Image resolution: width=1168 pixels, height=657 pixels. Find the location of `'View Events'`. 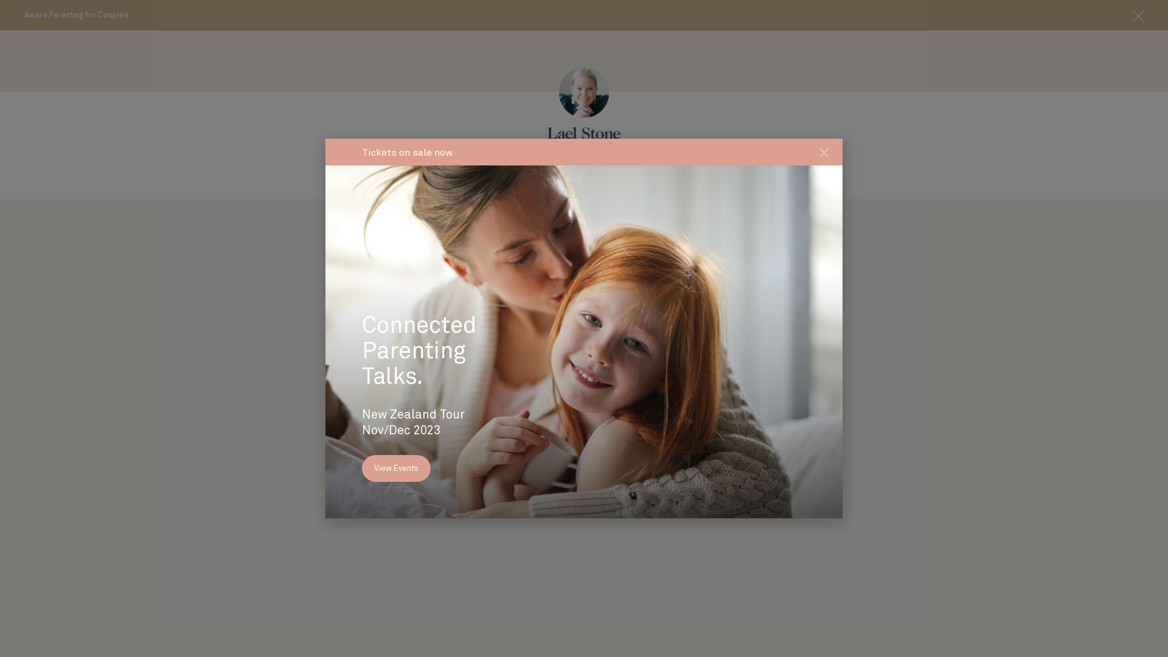

'View Events' is located at coordinates (396, 468).